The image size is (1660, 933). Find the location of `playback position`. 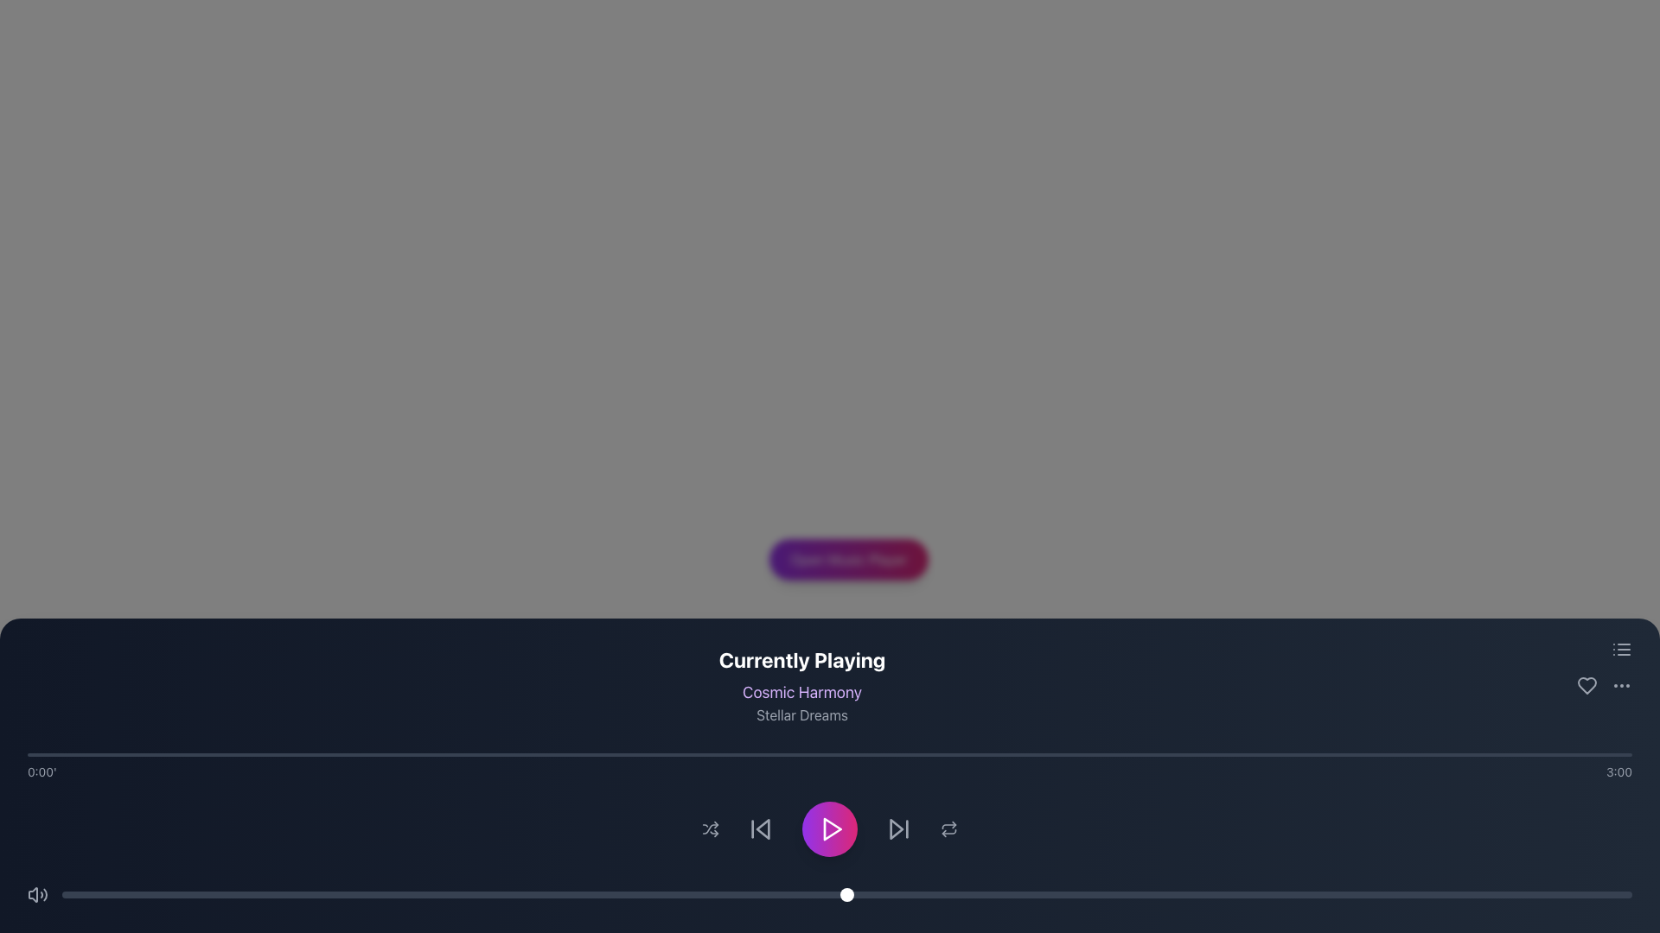

playback position is located at coordinates (1579, 754).